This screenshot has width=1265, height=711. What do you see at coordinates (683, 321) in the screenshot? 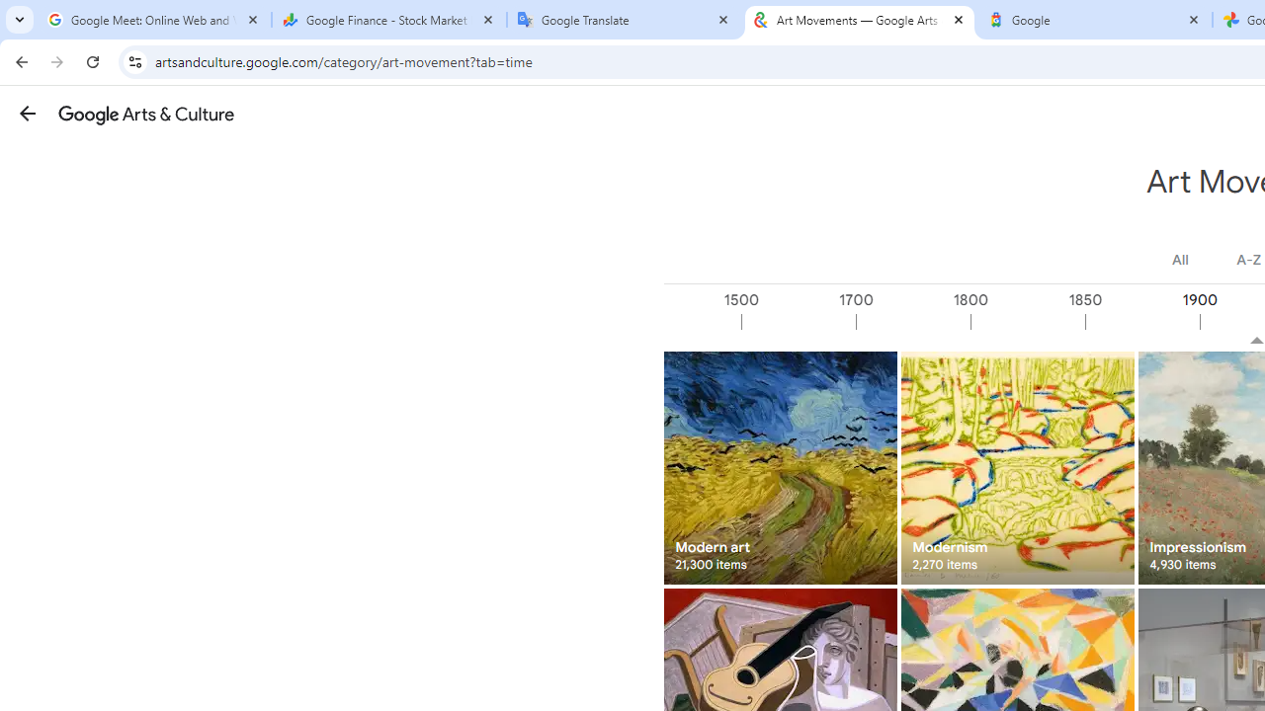
I see `'1000'` at bounding box center [683, 321].